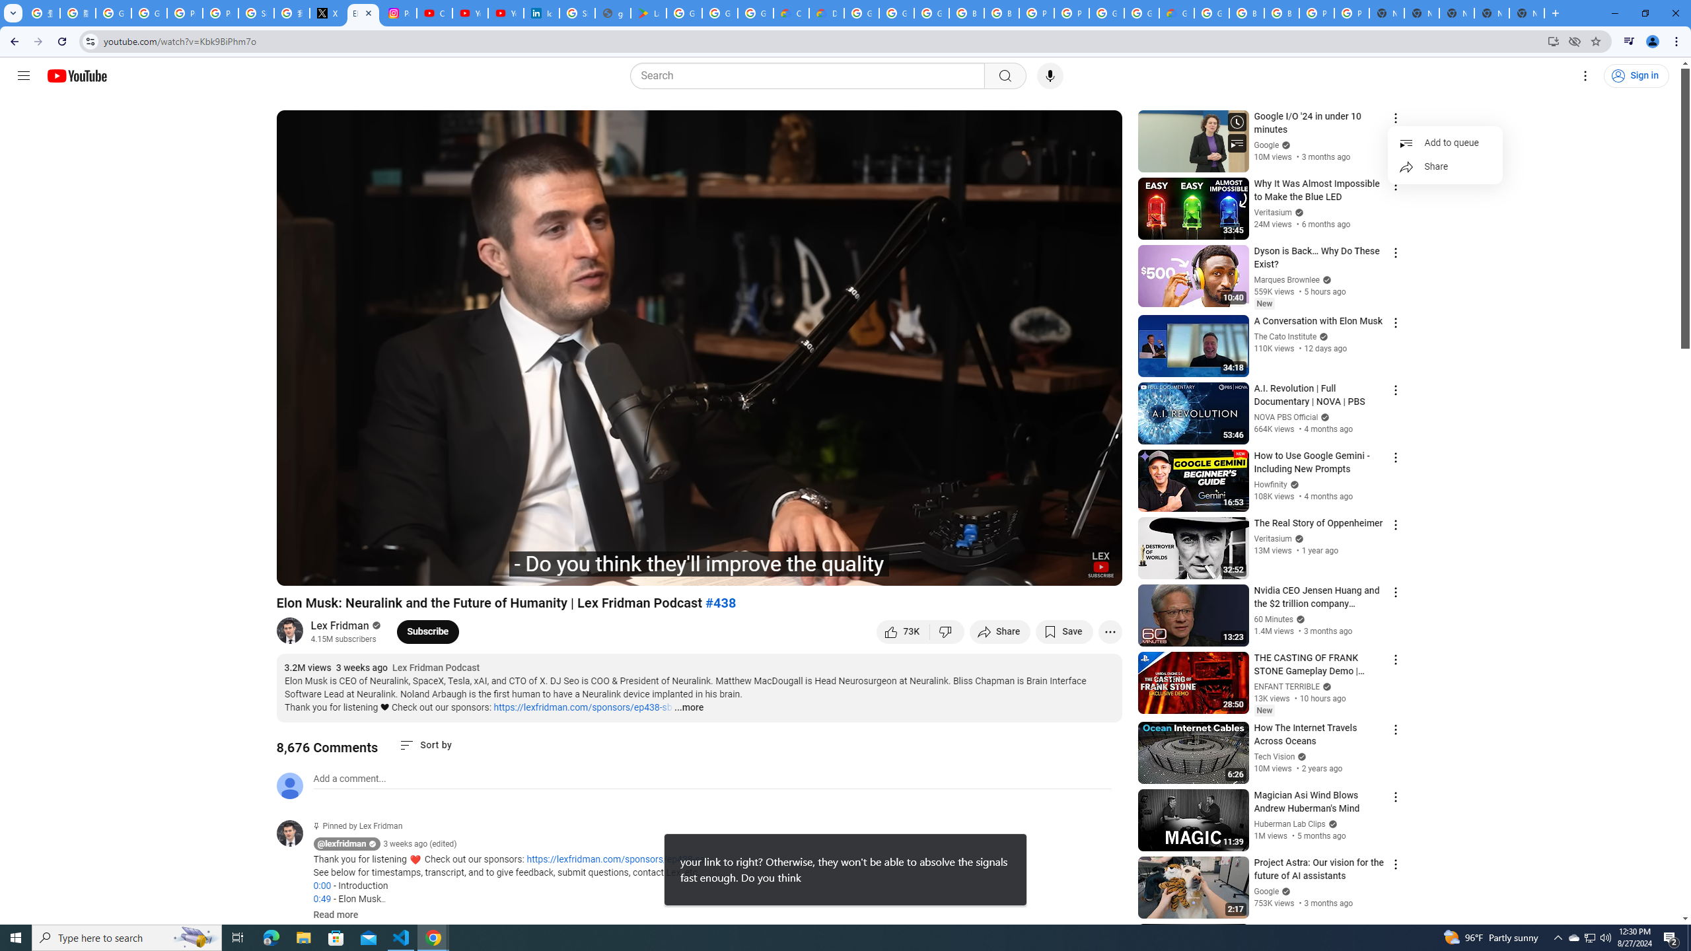 The width and height of the screenshot is (1691, 951). Describe the element at coordinates (1444, 142) in the screenshot. I see `'Add to queue'` at that location.